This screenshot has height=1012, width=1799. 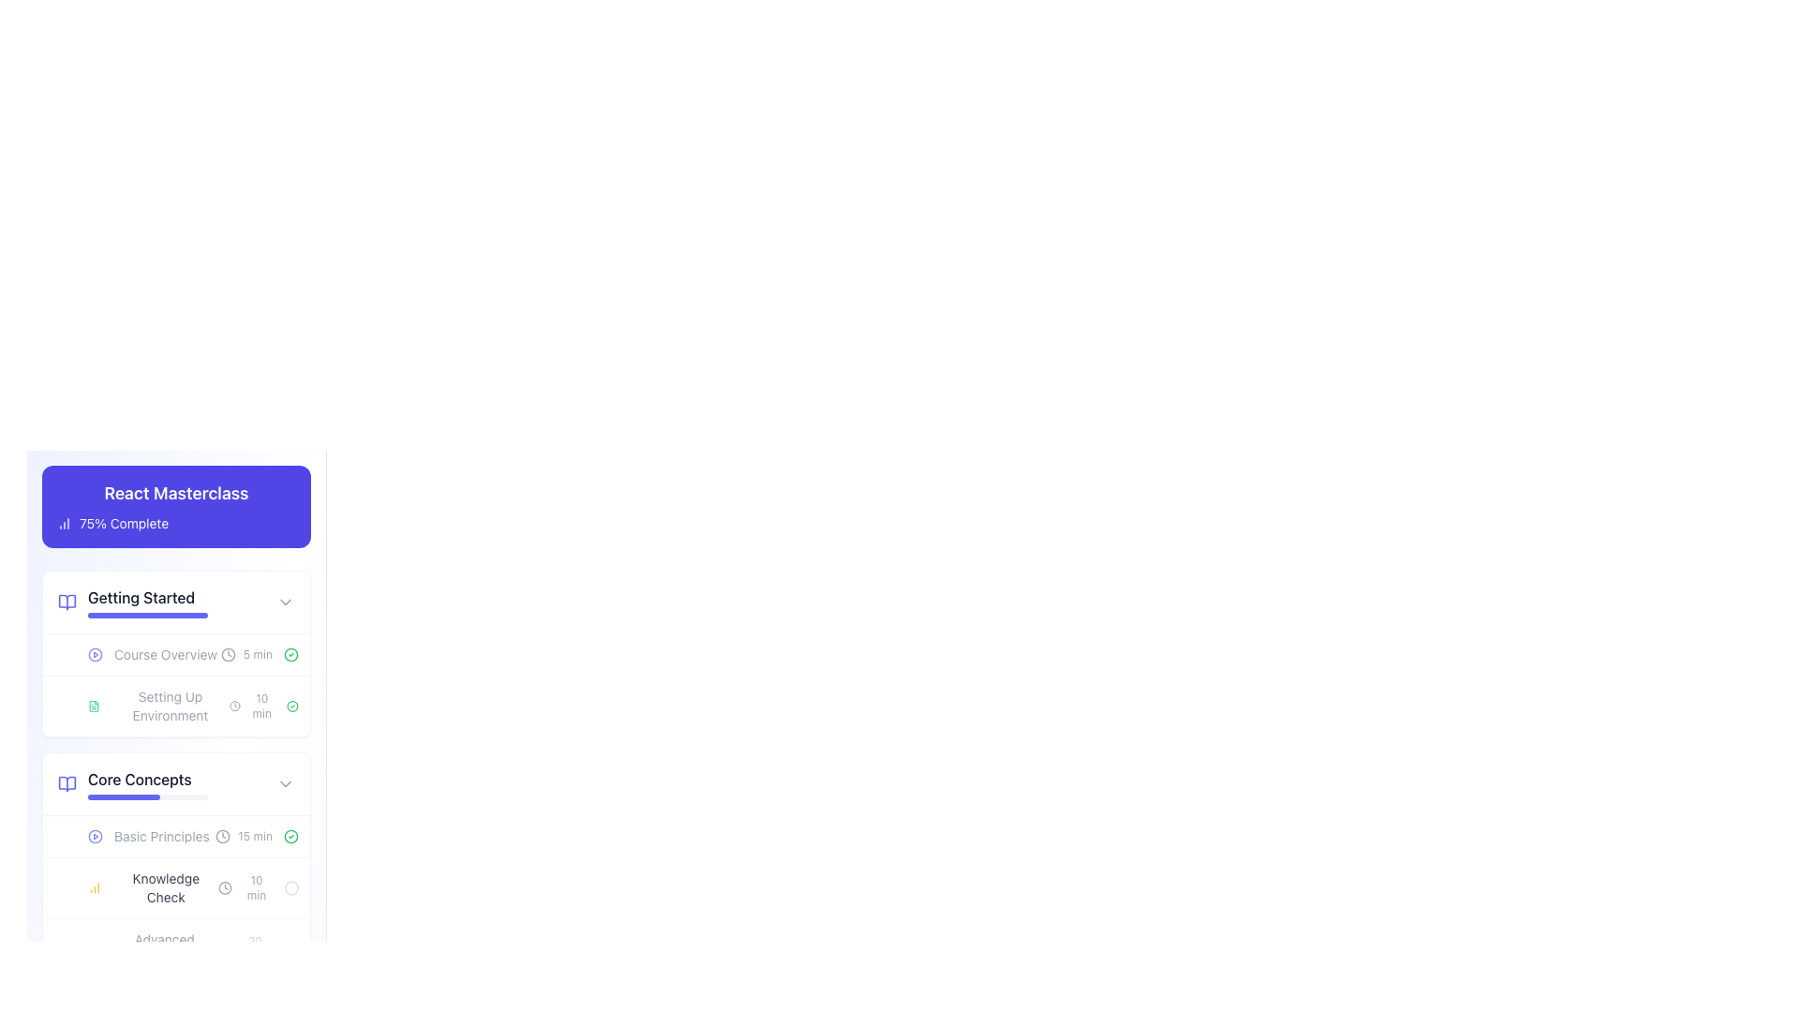 I want to click on descriptive text label indicating a topic within the 'Getting Started' section of the 'React Masterclass' course overview, so click(x=171, y=706).